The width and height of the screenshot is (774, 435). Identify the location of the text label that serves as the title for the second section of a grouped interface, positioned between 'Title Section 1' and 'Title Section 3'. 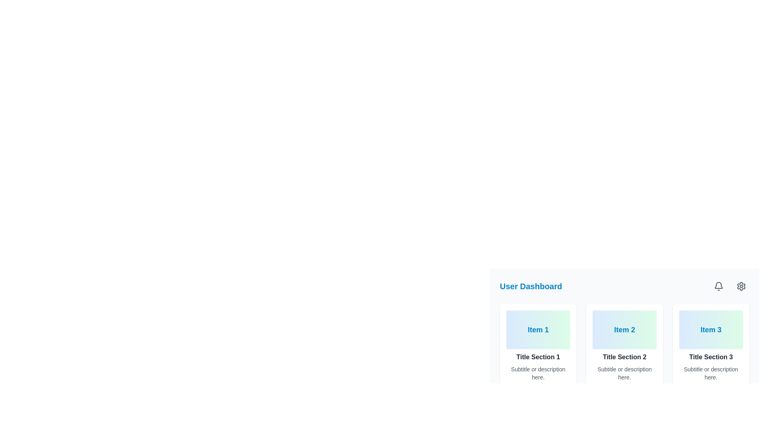
(624, 357).